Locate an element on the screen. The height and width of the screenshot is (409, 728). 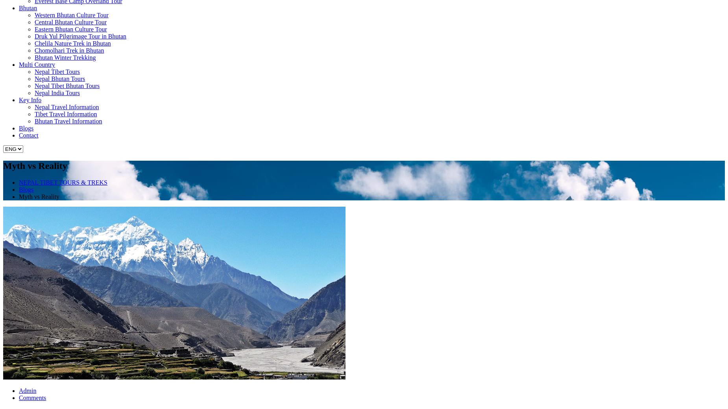
'Nepal Tibet Bhutan Tours' is located at coordinates (67, 85).